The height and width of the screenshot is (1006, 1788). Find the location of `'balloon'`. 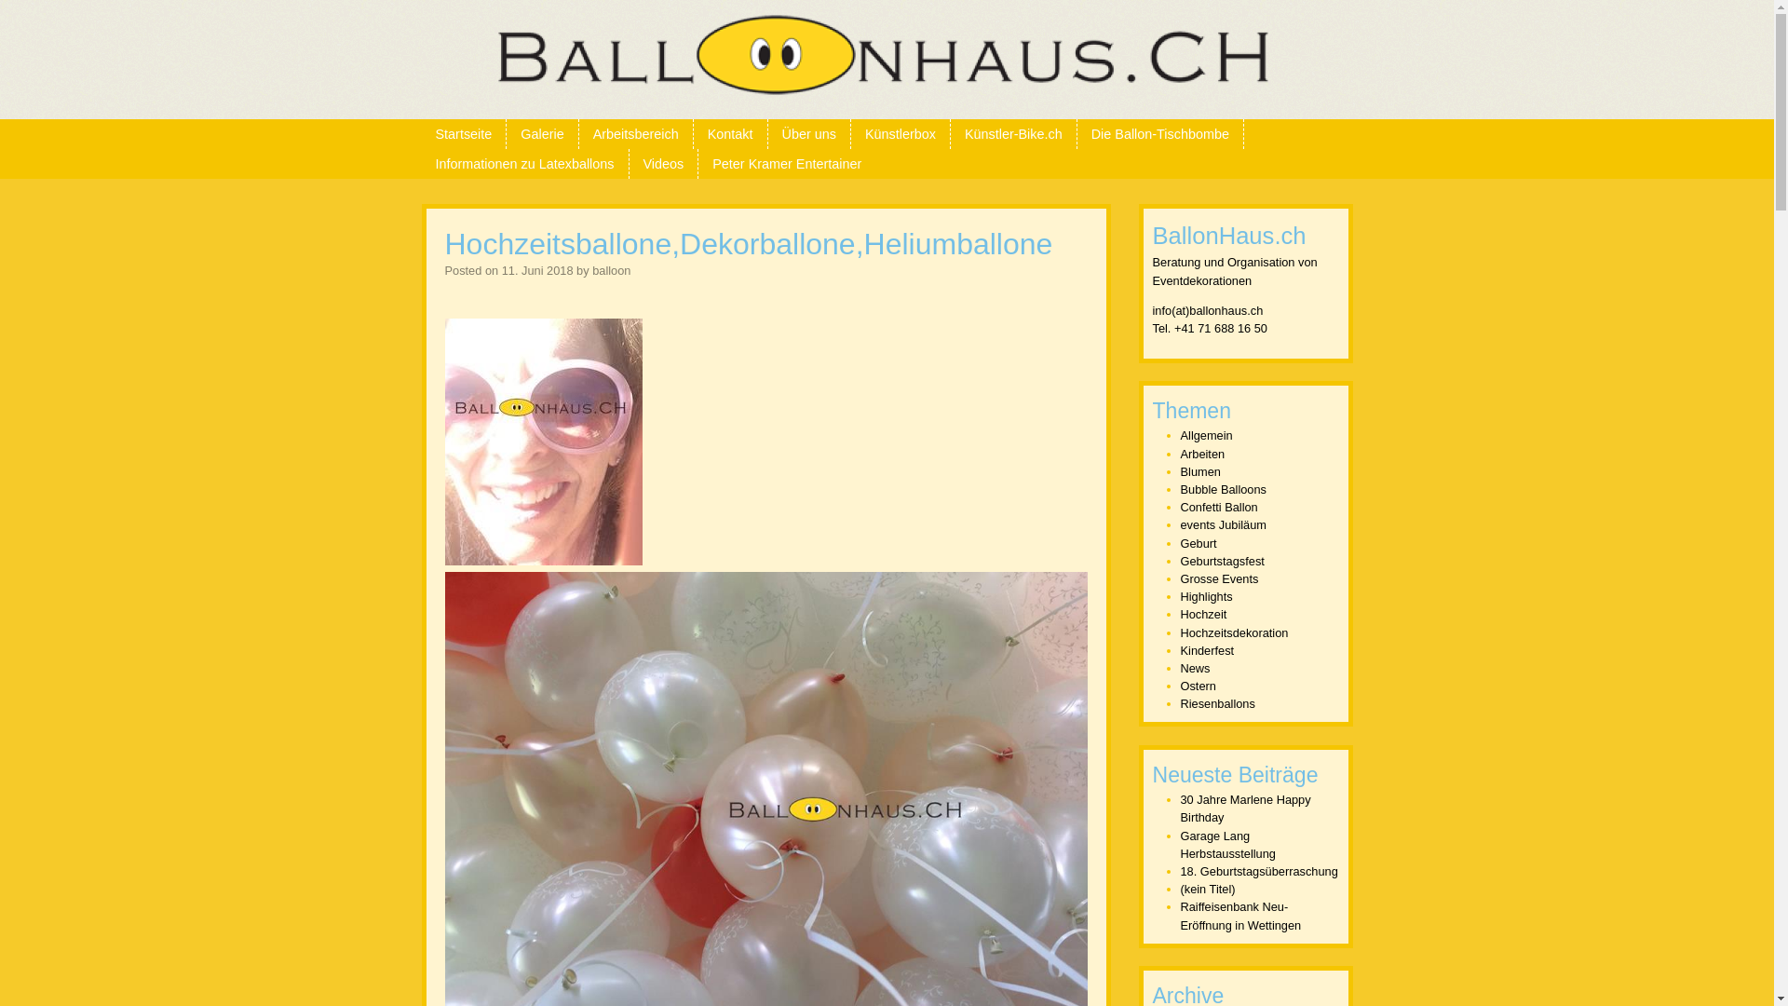

'balloon' is located at coordinates (611, 270).